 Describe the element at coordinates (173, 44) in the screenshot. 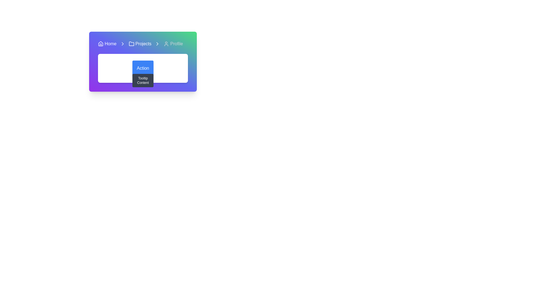

I see `the navigation link for the user's profile section, which is the third item from the left in the horizontal breadcrumb navigation` at that location.